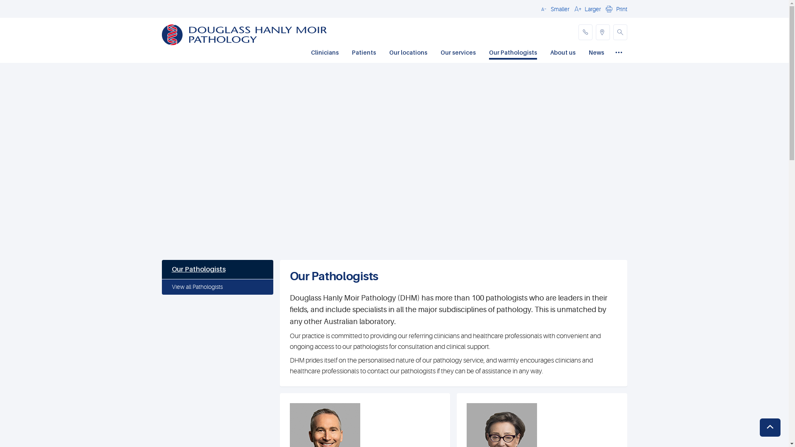 This screenshot has height=447, width=795. I want to click on 'Smaller', so click(554, 8).